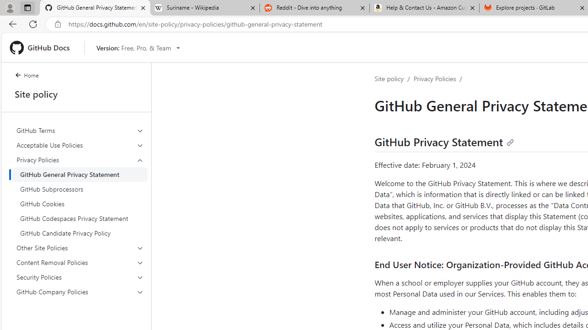 This screenshot has height=330, width=588. What do you see at coordinates (80, 203) in the screenshot?
I see `'GitHub Cookies'` at bounding box center [80, 203].